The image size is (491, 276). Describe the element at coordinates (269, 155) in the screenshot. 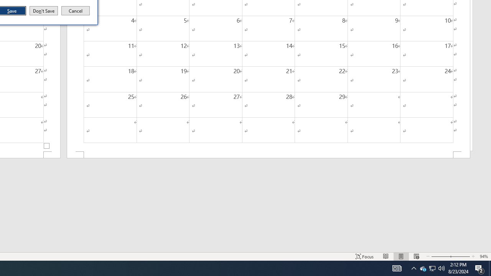

I see `'Footer -Section 2-'` at that location.